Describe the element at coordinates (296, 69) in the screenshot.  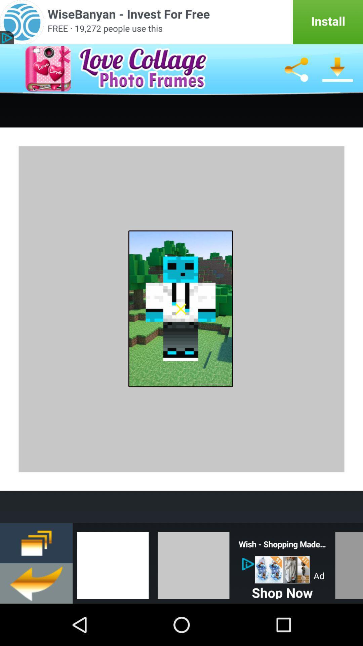
I see `share option` at that location.